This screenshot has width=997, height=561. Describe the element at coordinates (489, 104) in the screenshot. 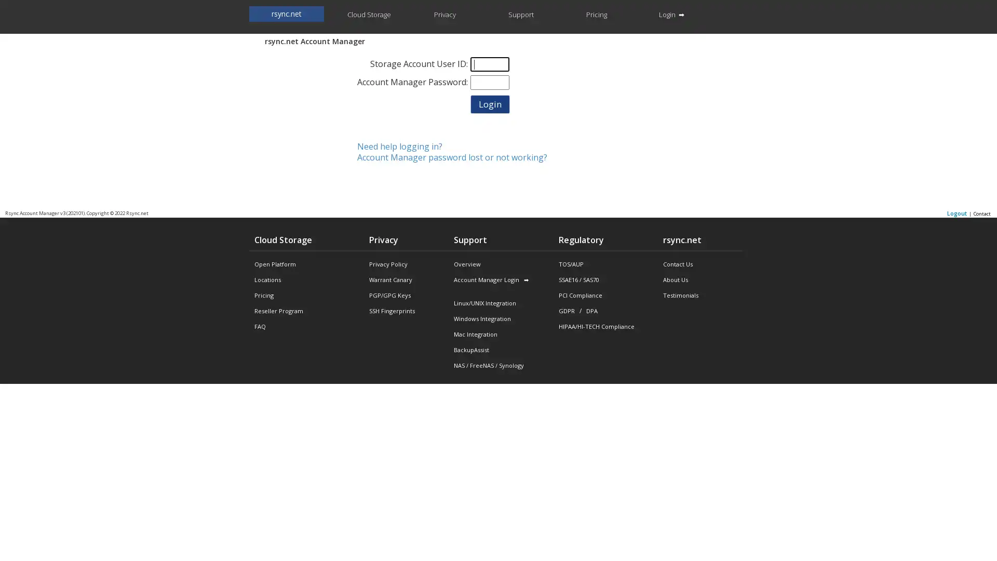

I see `Login` at that location.